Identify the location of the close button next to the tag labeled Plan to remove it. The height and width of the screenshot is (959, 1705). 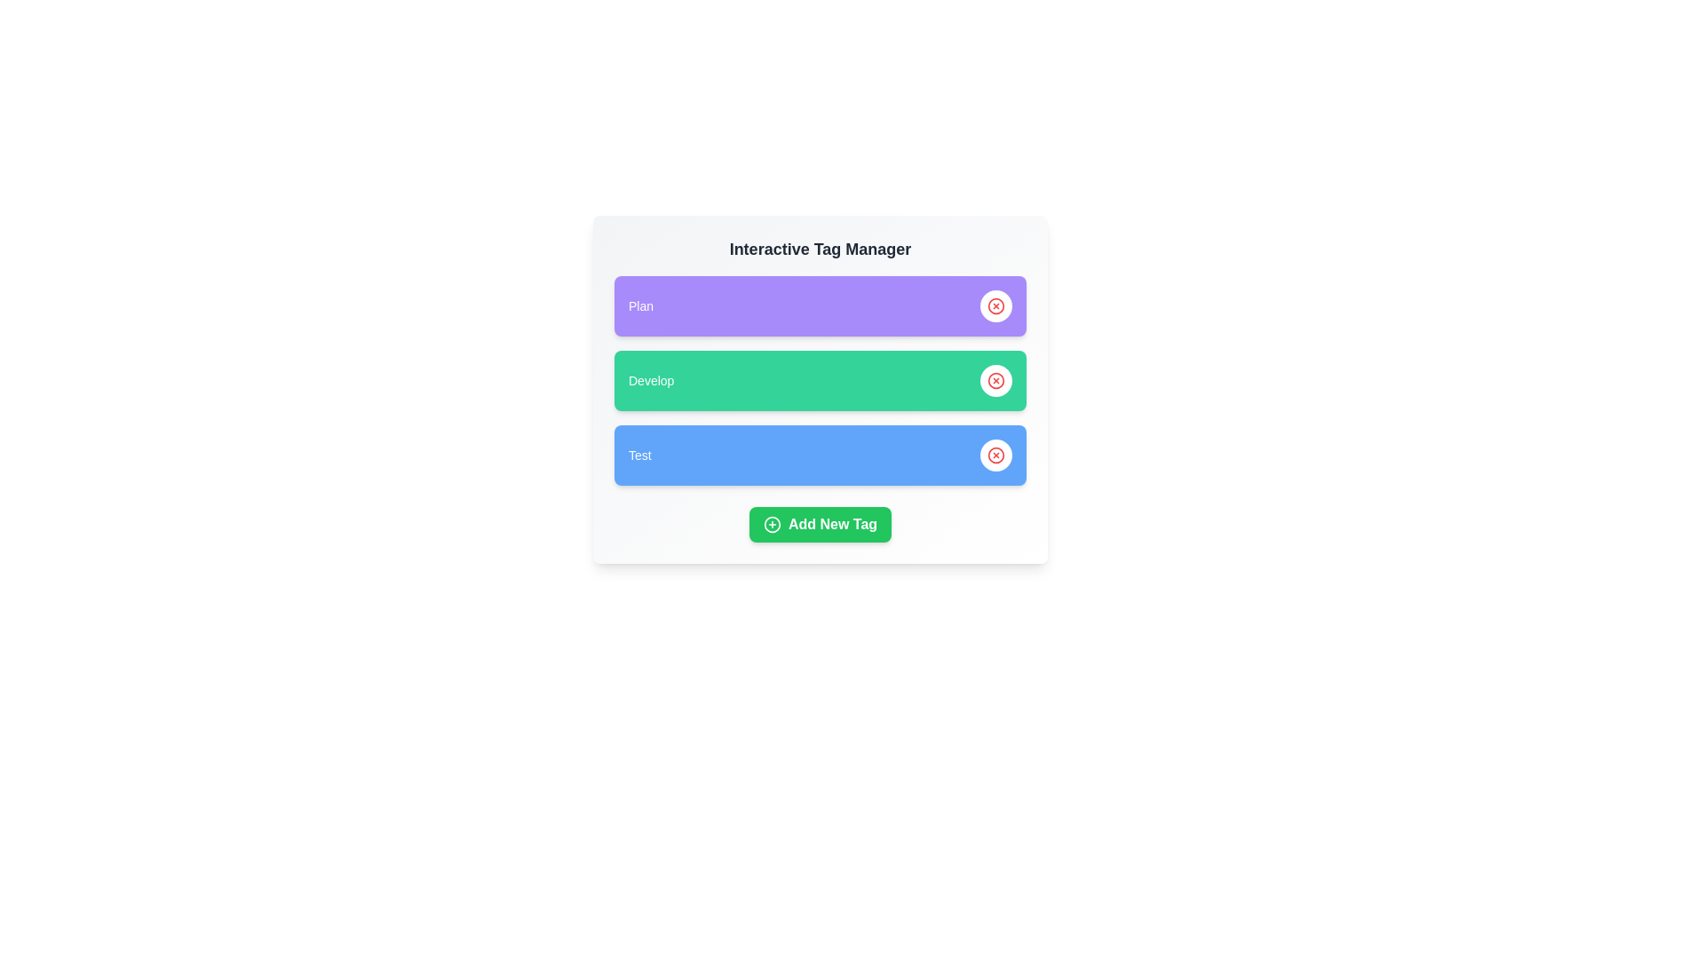
(996, 305).